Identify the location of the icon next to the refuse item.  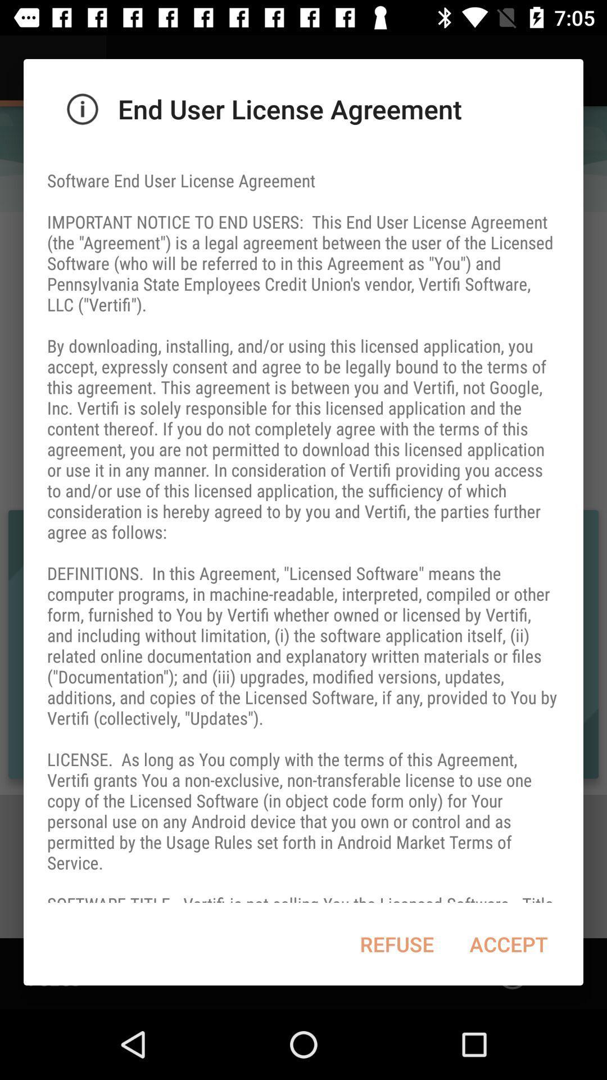
(509, 944).